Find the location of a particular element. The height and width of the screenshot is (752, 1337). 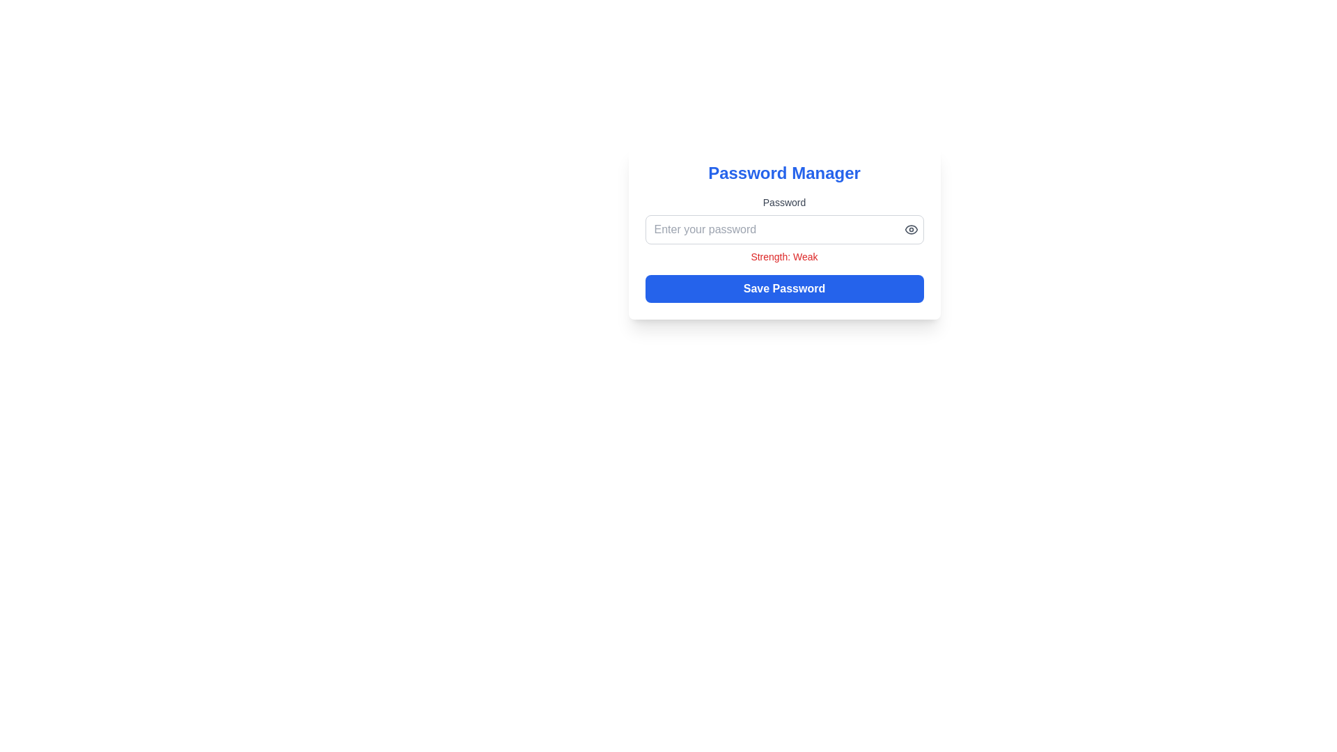

the SVG icon representing an eye is located at coordinates (911, 229).